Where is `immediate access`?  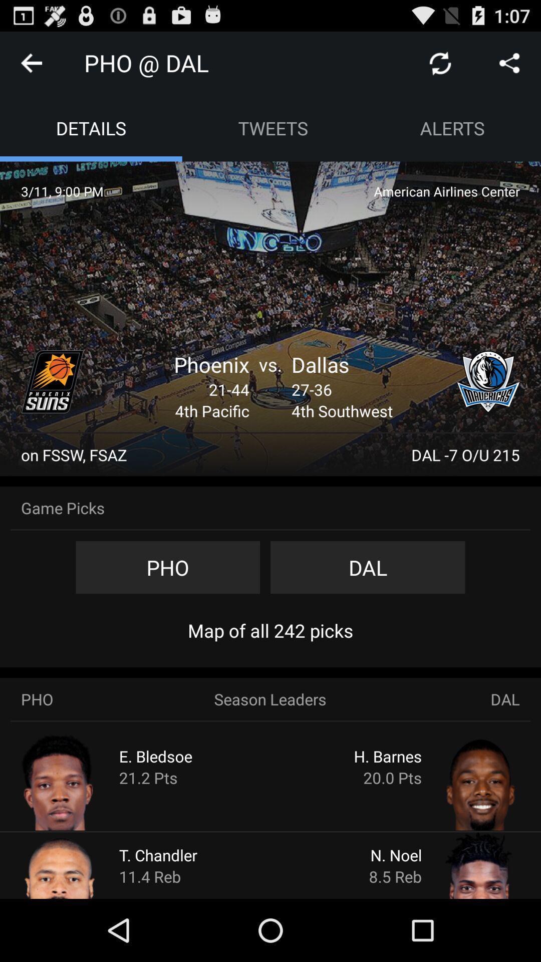
immediate access is located at coordinates (52, 381).